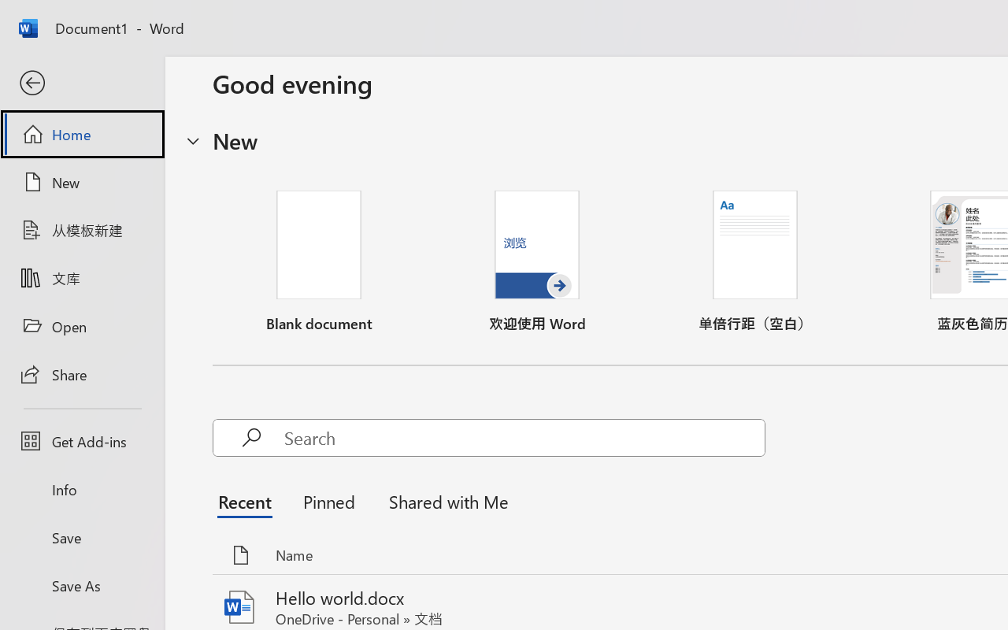 The image size is (1008, 630). I want to click on 'Pinned', so click(328, 500).